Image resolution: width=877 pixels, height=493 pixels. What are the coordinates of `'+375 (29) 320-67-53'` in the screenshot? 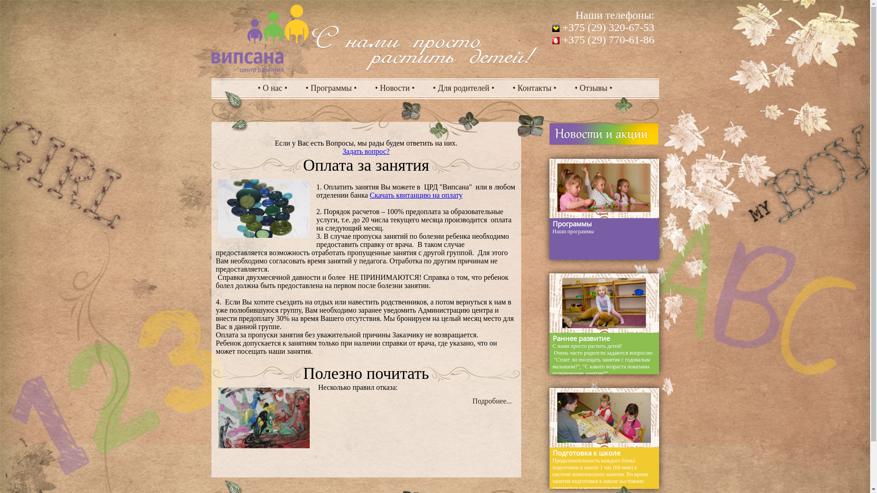 It's located at (603, 27).